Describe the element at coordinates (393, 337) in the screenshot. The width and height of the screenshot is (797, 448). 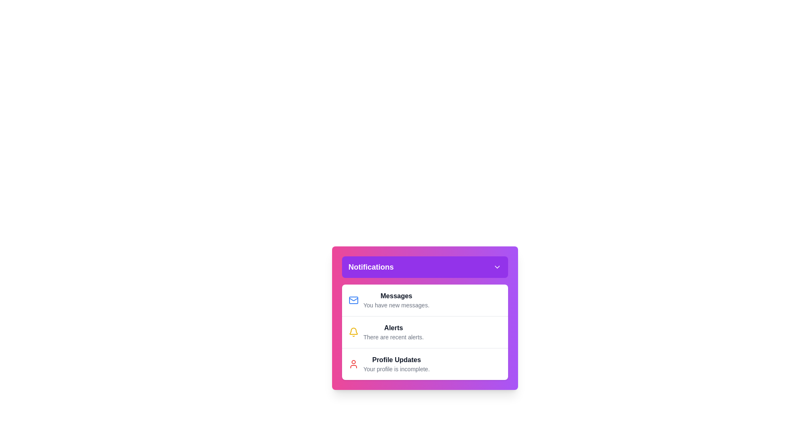
I see `the static text label that reads 'There are recent alerts.' which is positioned below the bolded label 'Alerts' in the Notifications widget` at that location.